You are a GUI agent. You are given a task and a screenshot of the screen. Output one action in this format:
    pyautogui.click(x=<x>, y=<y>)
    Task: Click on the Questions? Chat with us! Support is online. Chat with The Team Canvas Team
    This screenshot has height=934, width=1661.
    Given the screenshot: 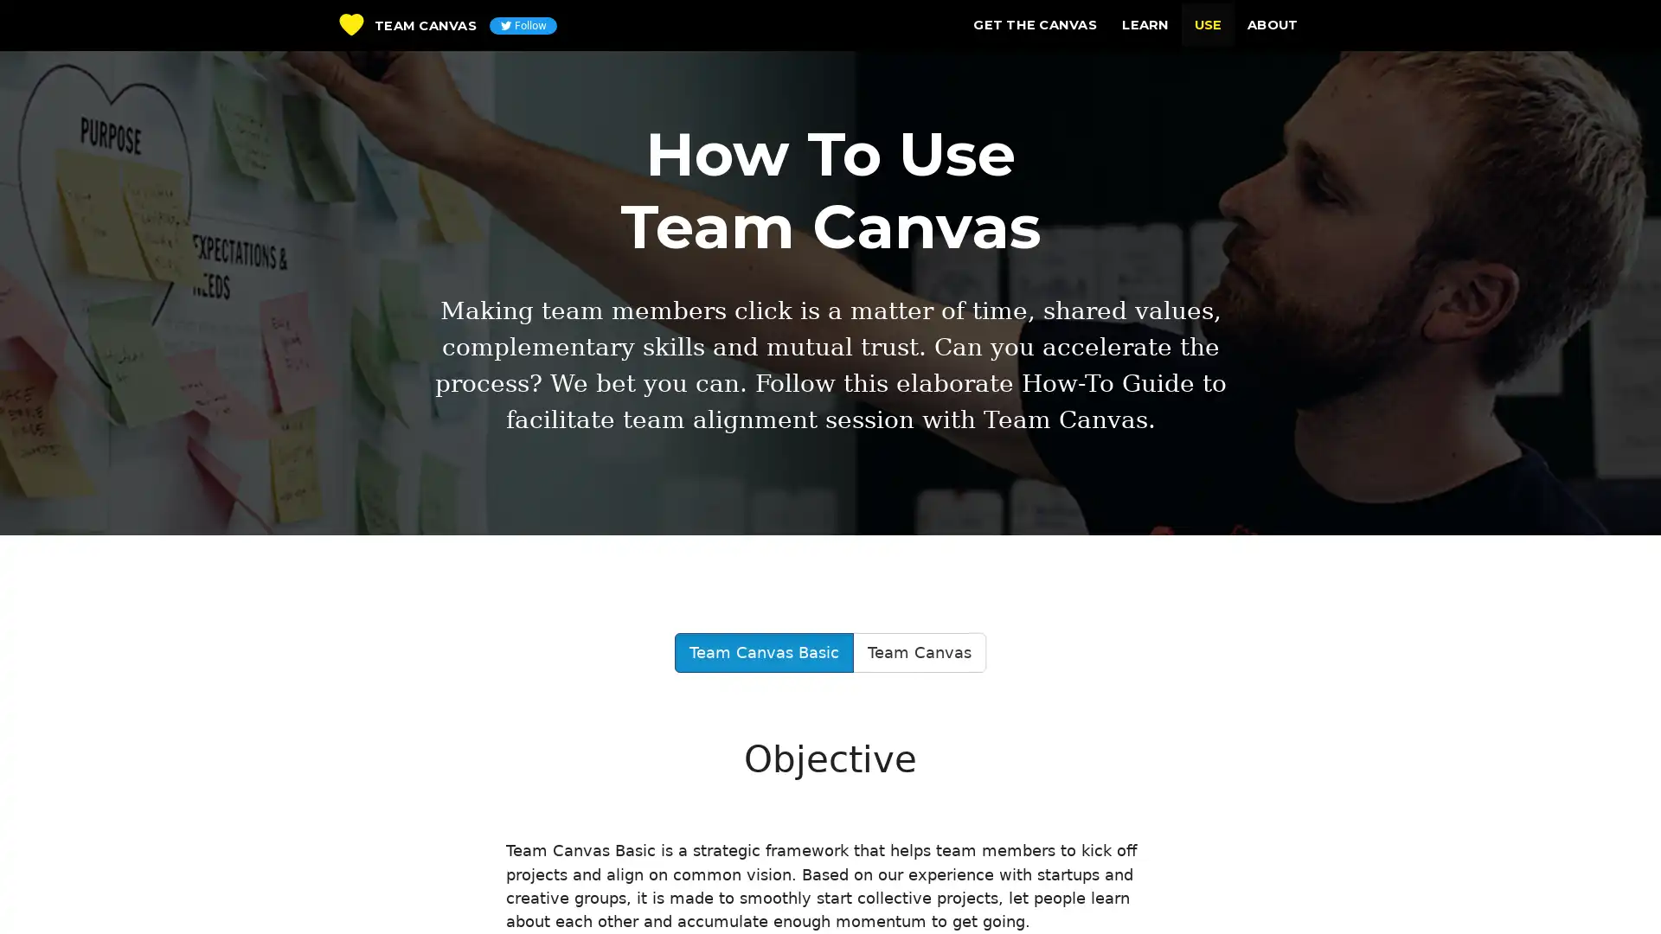 What is the action you would take?
    pyautogui.click(x=1613, y=890)
    